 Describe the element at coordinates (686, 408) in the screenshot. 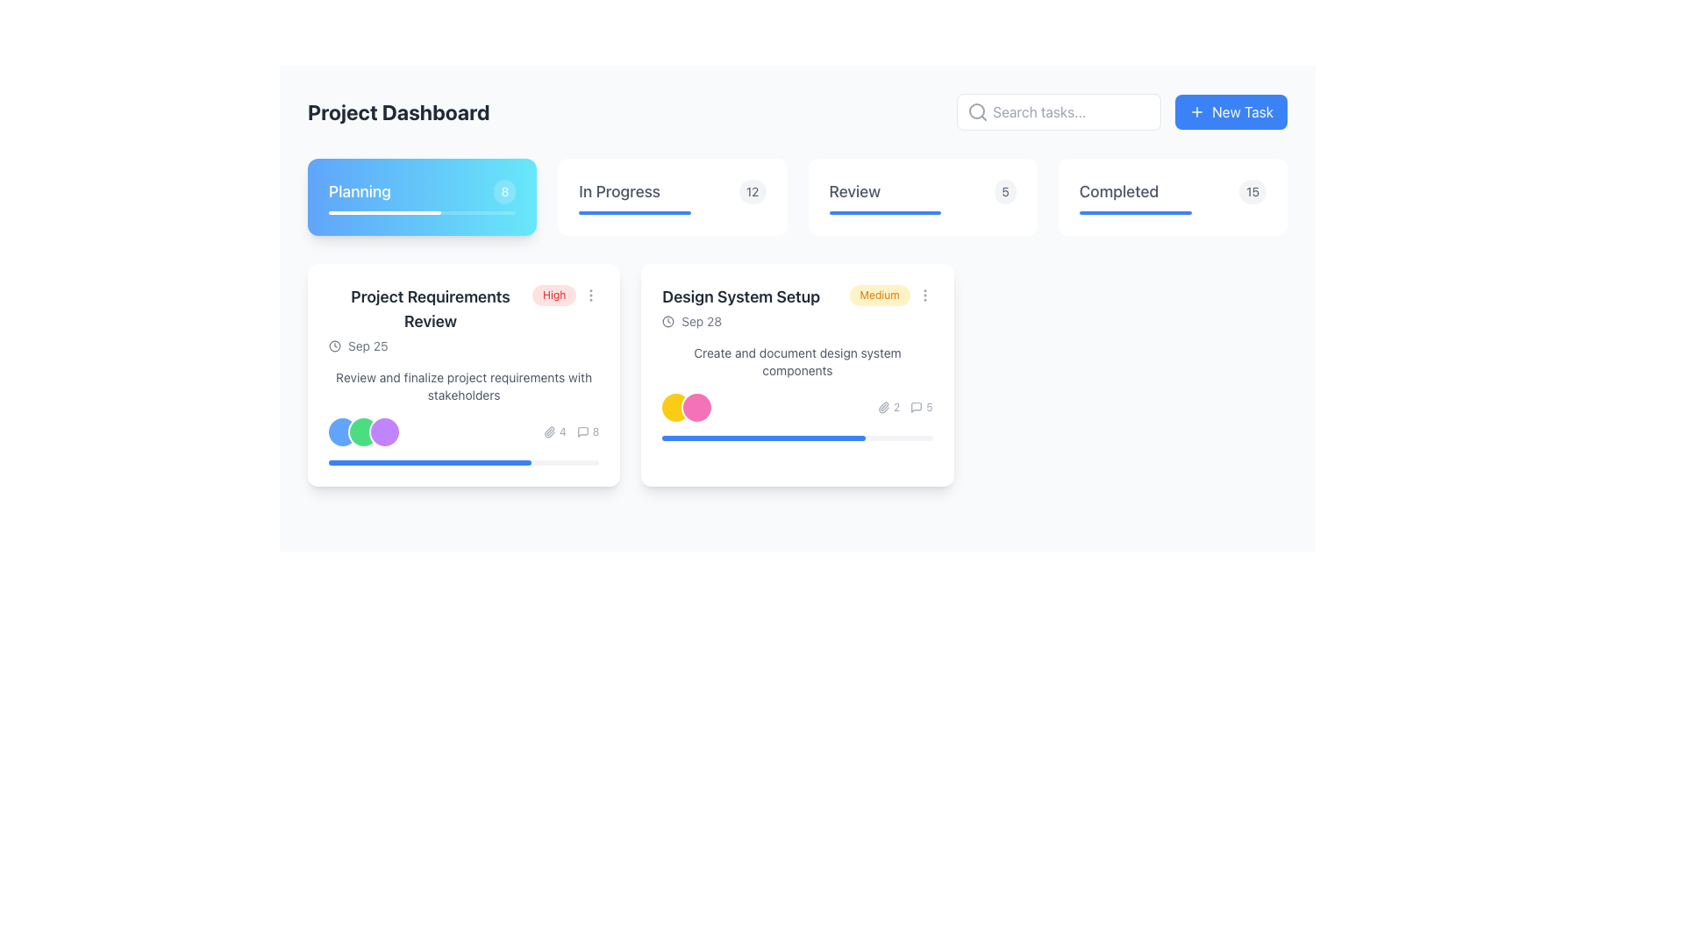

I see `the user avatar group located in the bottom-left section of the 'Design System Setup' card` at that location.